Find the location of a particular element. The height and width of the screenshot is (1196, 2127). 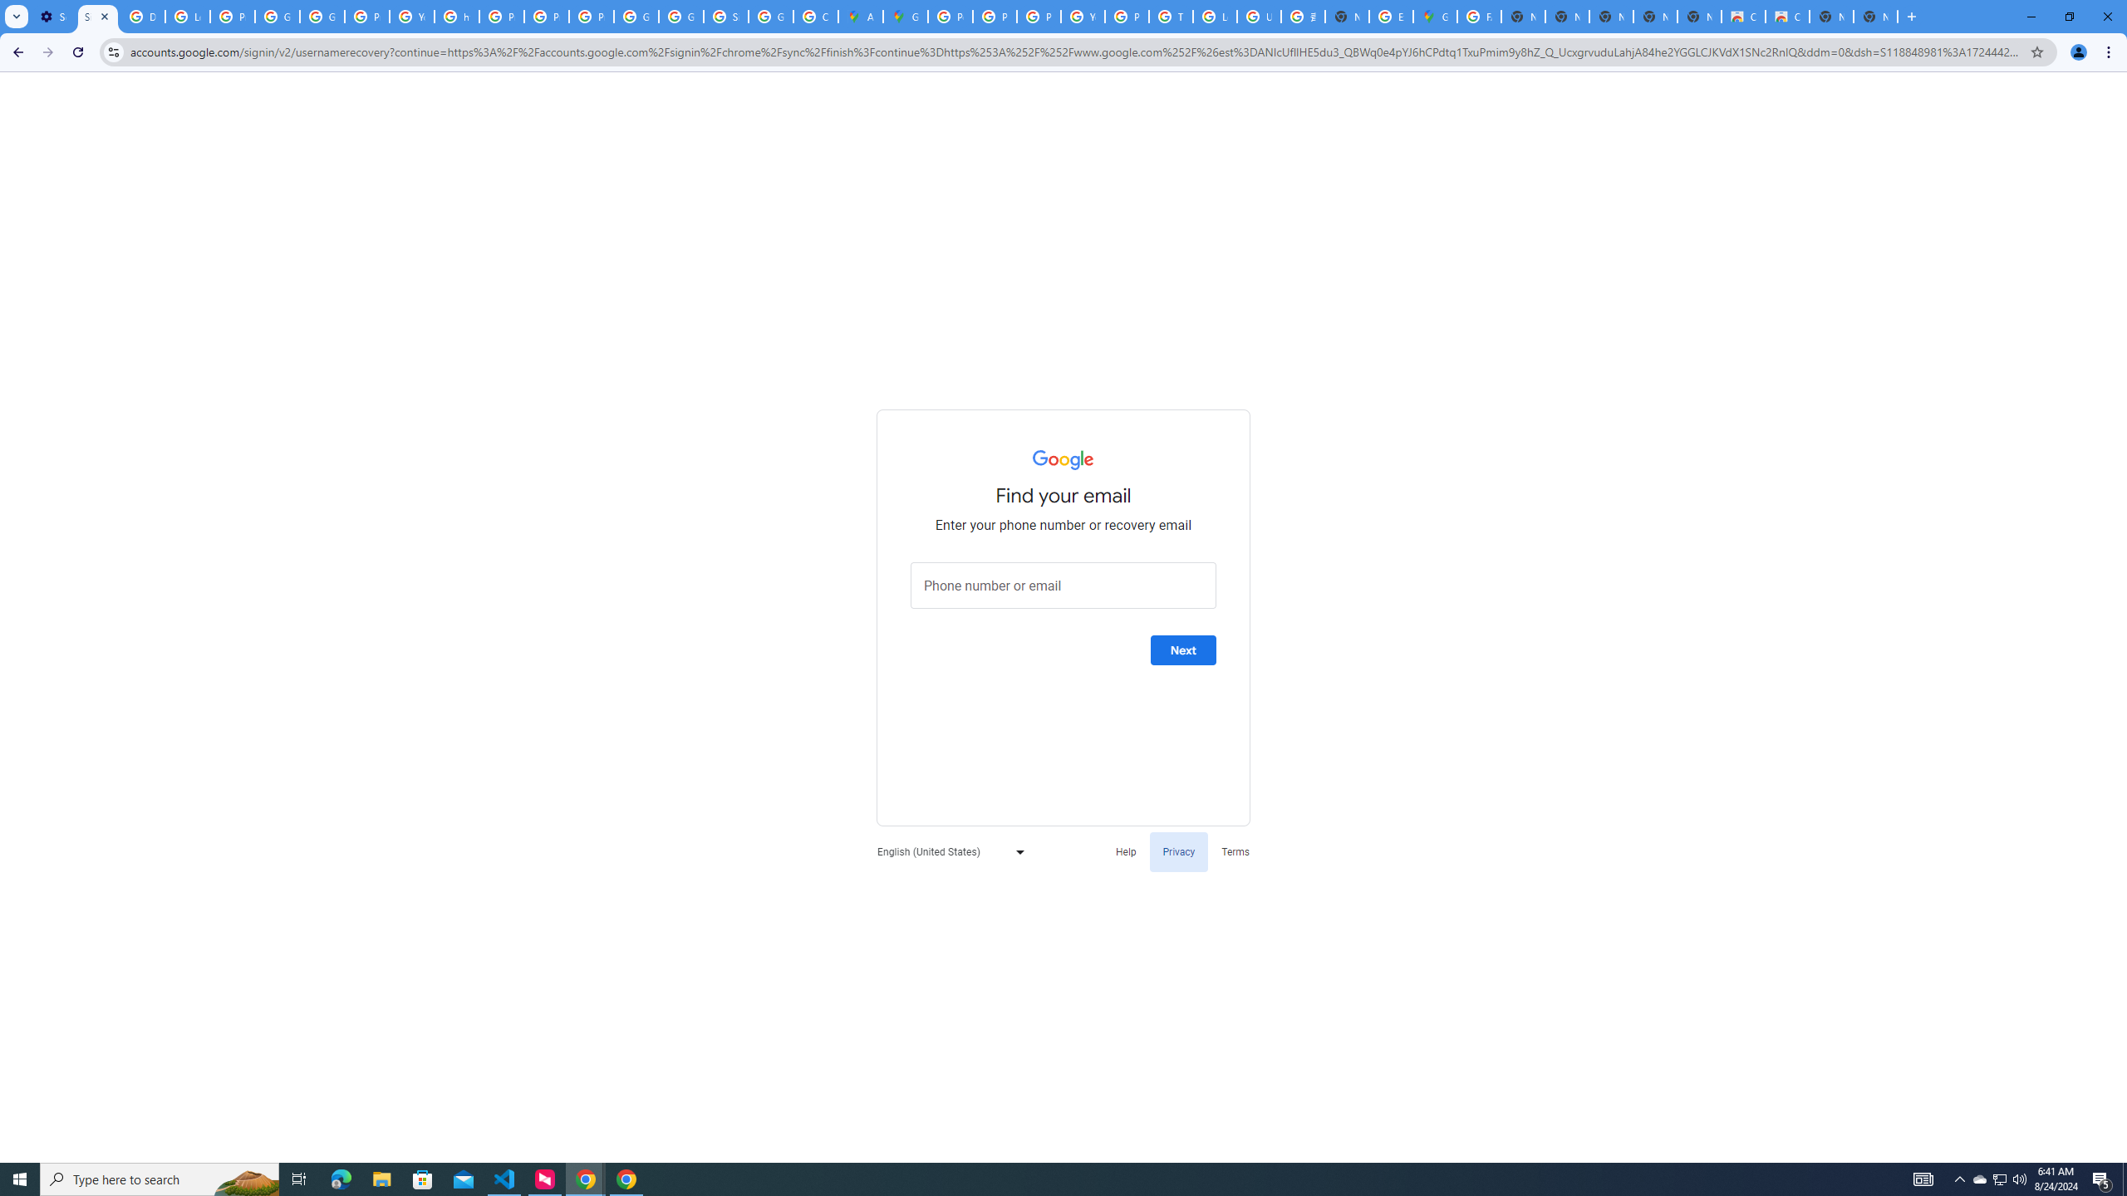

'Settings - On startup' is located at coordinates (53, 16).